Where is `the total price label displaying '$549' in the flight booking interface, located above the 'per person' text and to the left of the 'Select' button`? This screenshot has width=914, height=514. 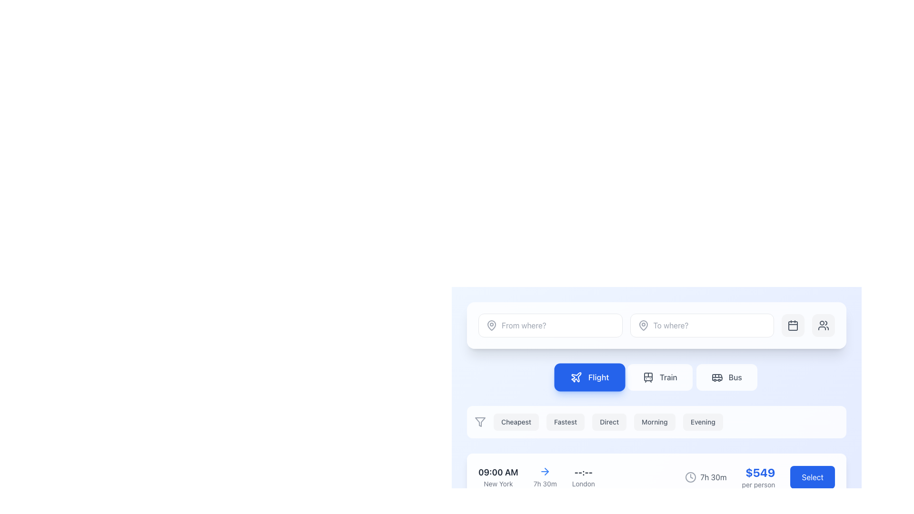
the total price label displaying '$549' in the flight booking interface, located above the 'per person' text and to the left of the 'Select' button is located at coordinates (760, 472).